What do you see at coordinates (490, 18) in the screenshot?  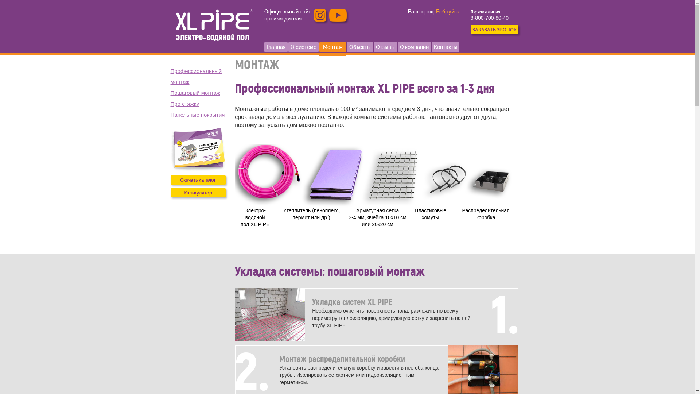 I see `'8-800-700-80-40'` at bounding box center [490, 18].